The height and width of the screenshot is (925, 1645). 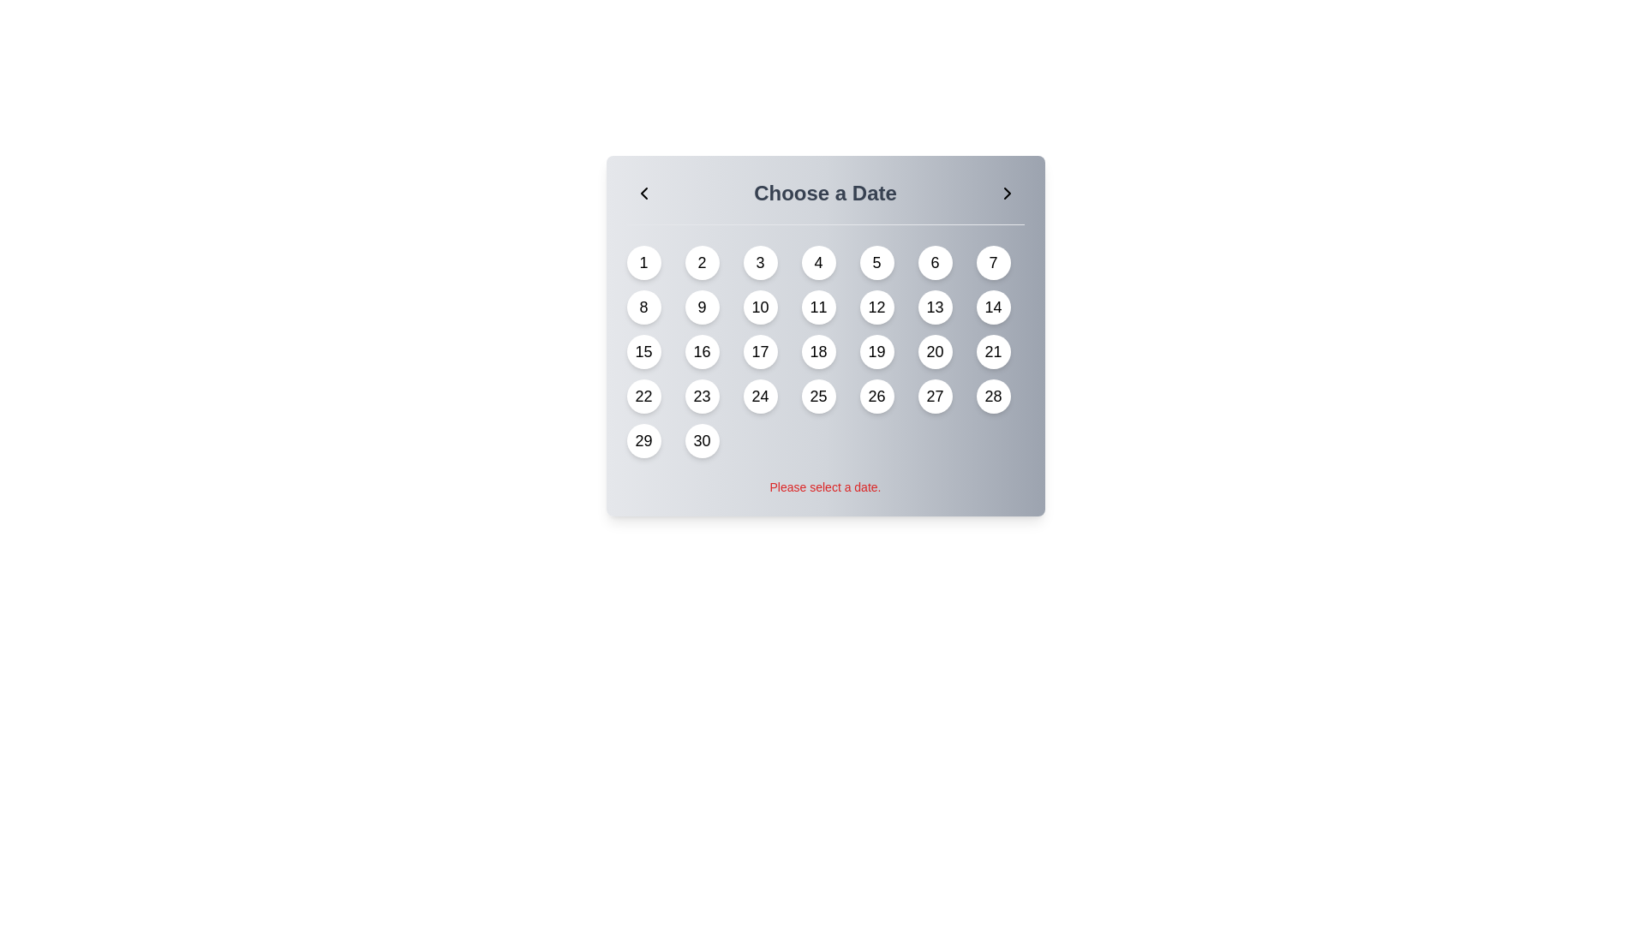 I want to click on the date selection button for '30' located in the fifth row and second column of the calendar grid, so click(x=702, y=440).